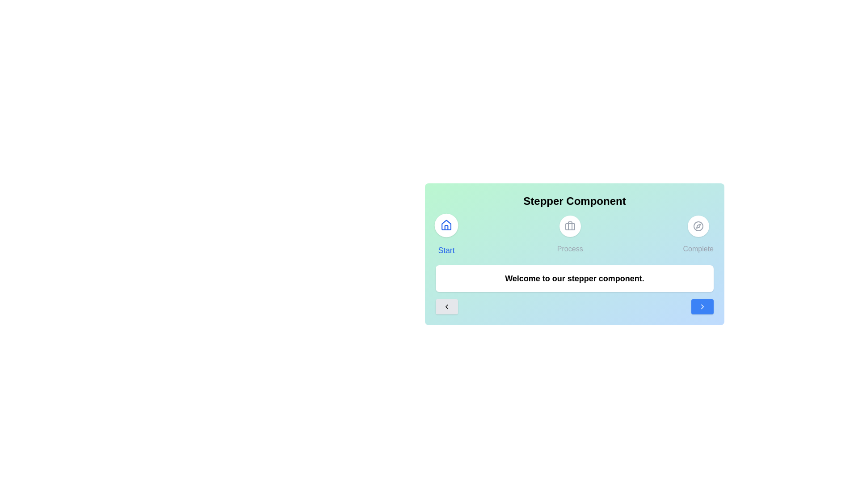 This screenshot has height=483, width=858. Describe the element at coordinates (446, 234) in the screenshot. I see `the step icon labeled Start` at that location.